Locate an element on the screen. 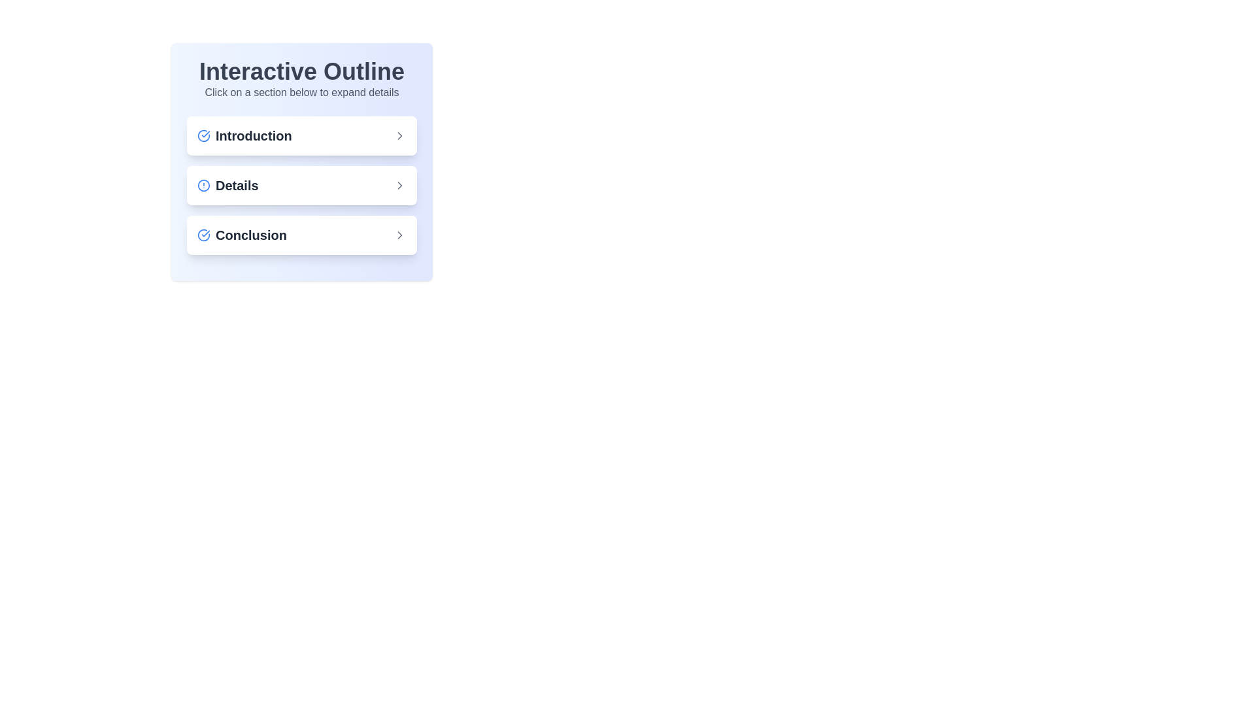 The image size is (1255, 706). the 'Details' section is located at coordinates (227, 186).